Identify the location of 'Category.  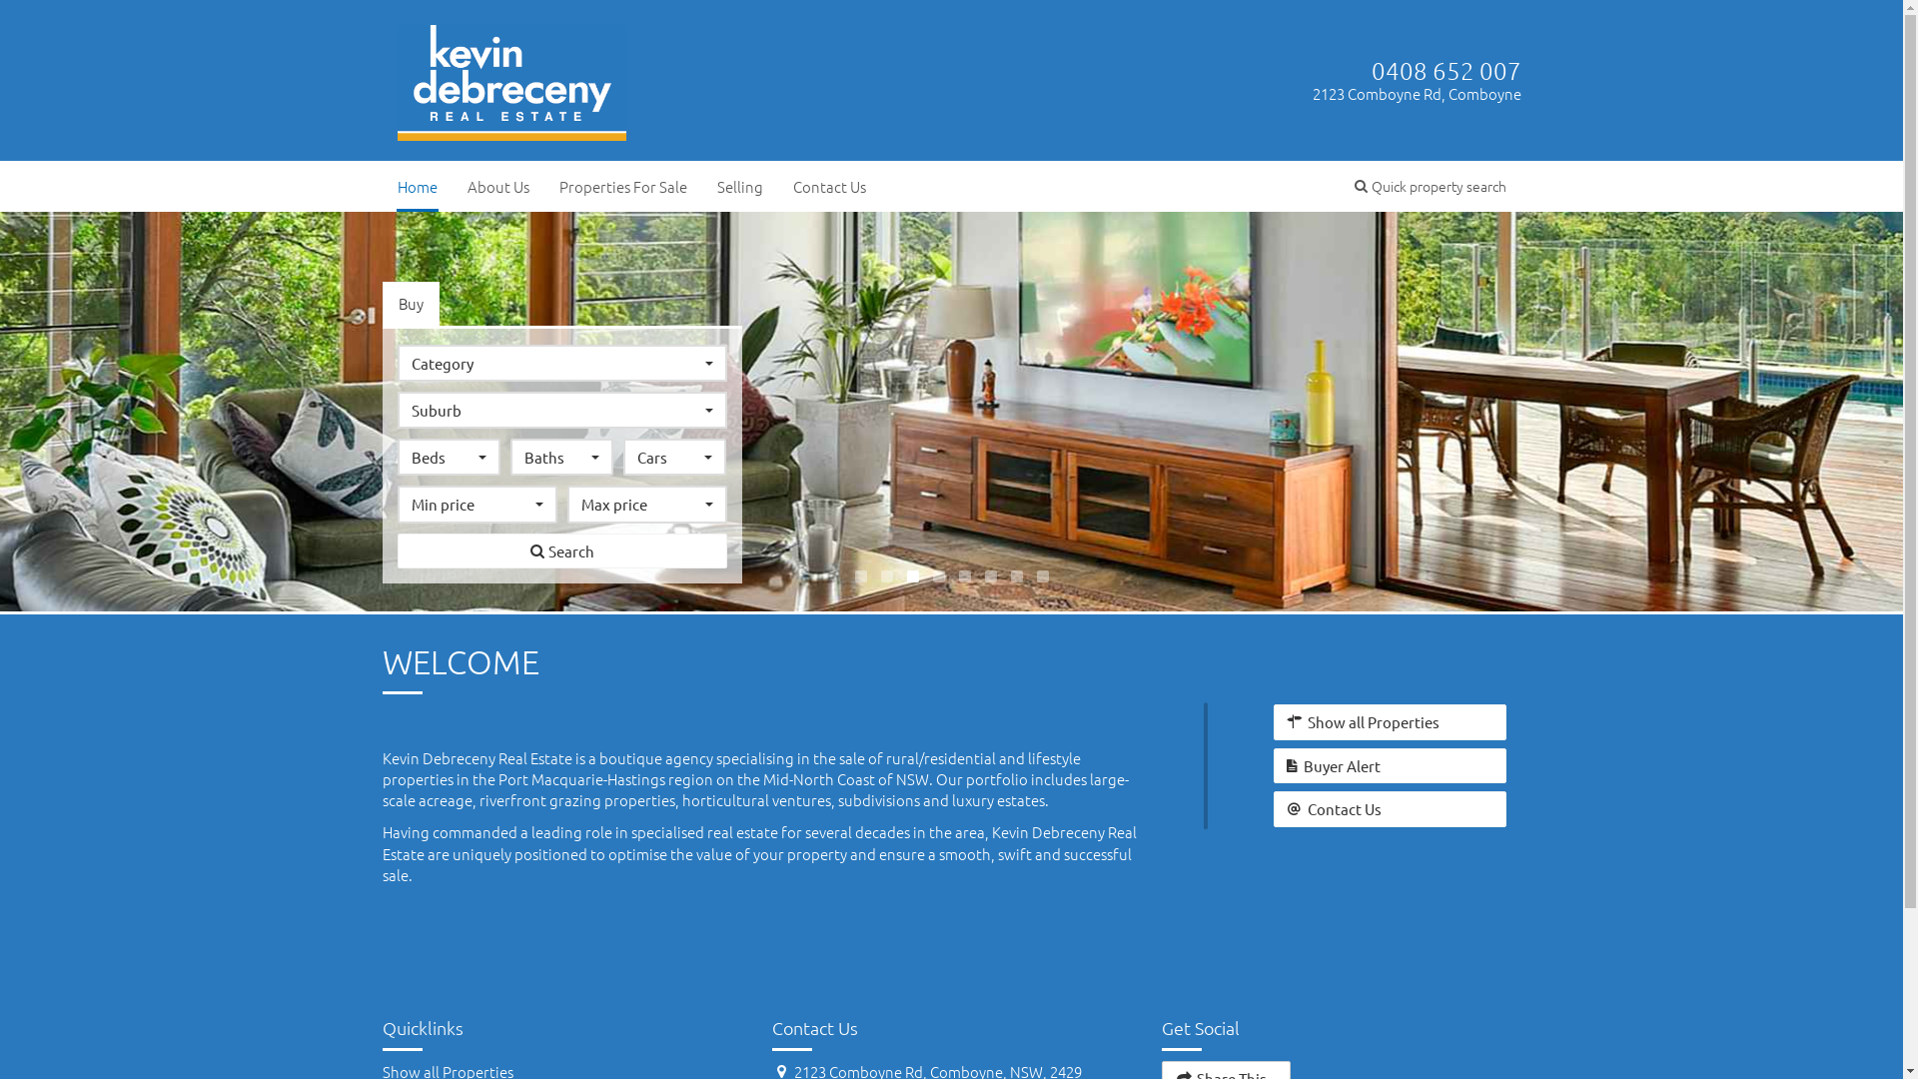
(398, 363).